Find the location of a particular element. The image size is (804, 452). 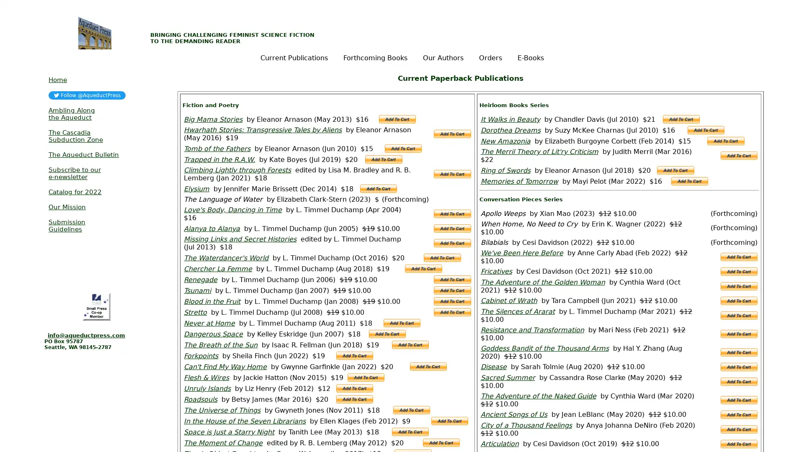

Make payments with PayPal - it\'s fast, free and secure! is located at coordinates (387, 334).